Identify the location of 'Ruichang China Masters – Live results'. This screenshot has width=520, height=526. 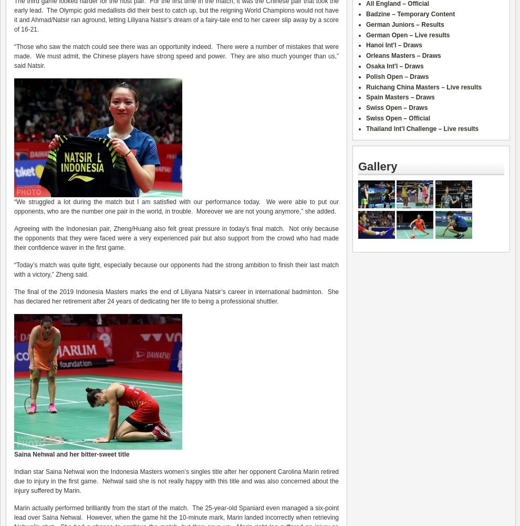
(423, 87).